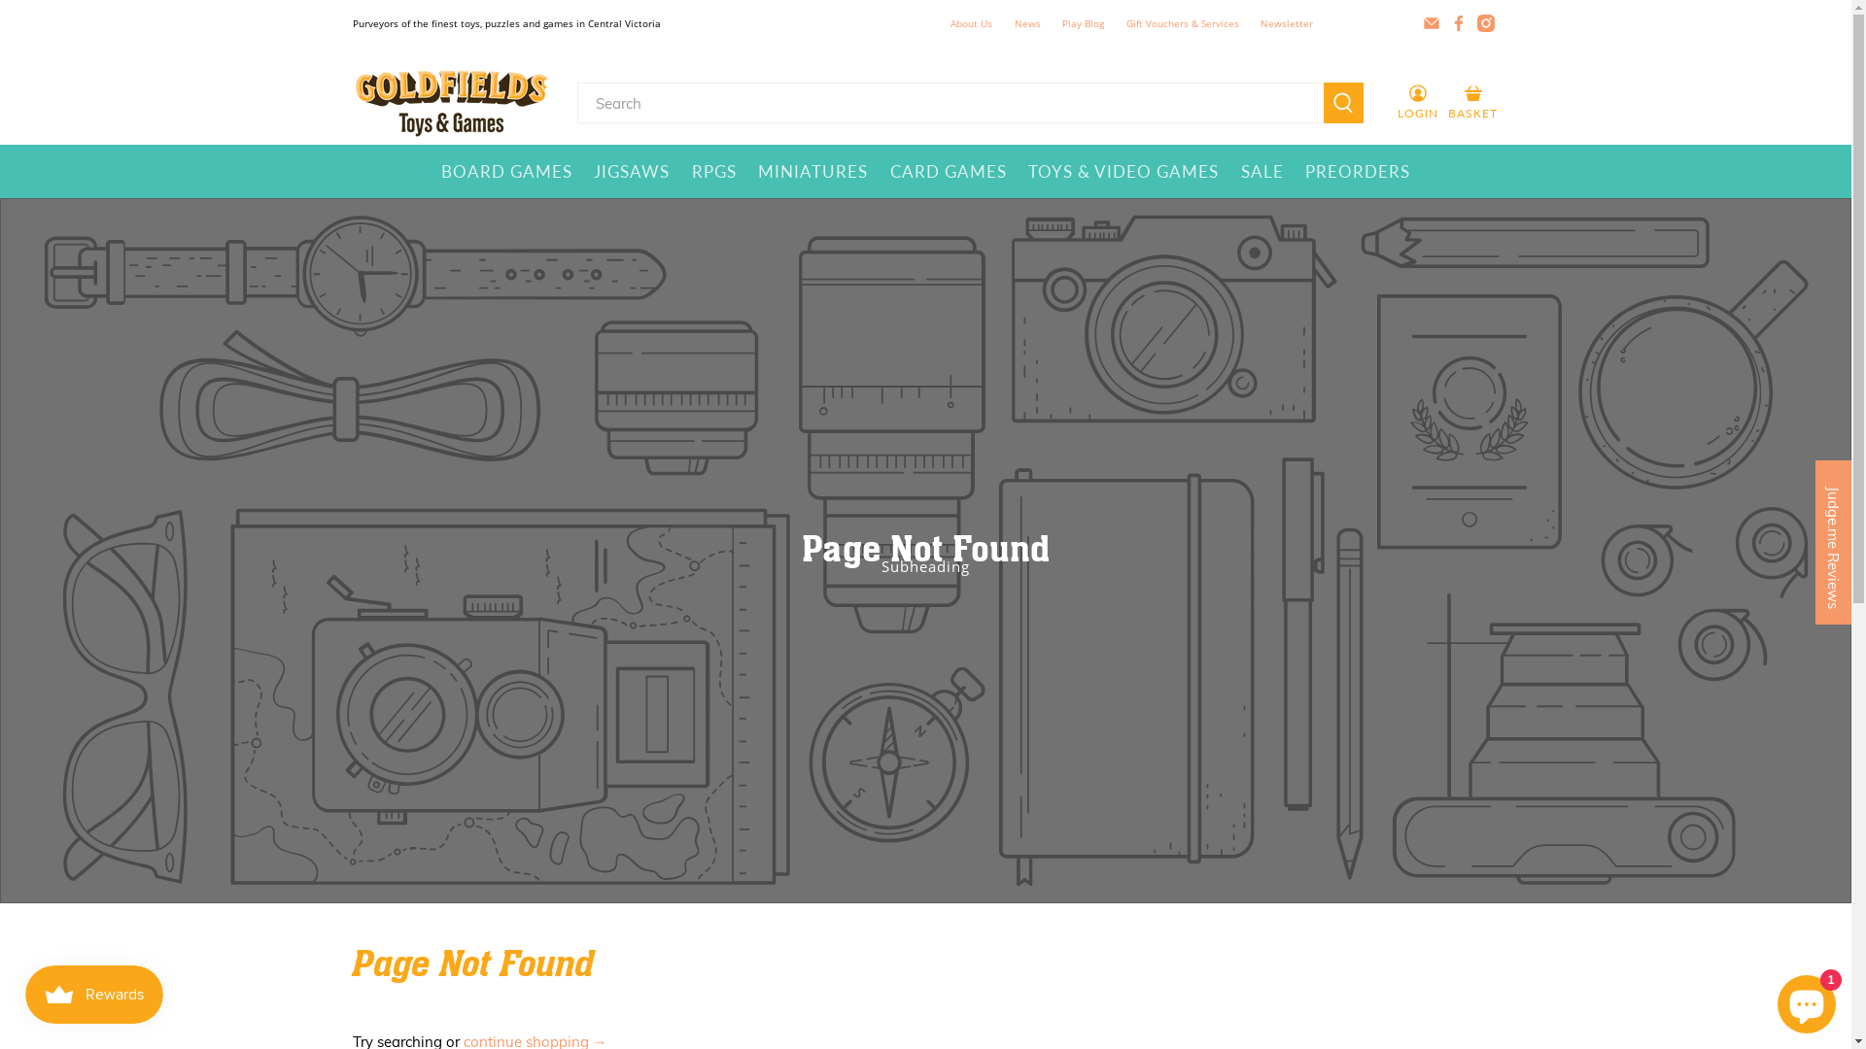 This screenshot has width=1866, height=1049. I want to click on 'News', so click(1003, 23).